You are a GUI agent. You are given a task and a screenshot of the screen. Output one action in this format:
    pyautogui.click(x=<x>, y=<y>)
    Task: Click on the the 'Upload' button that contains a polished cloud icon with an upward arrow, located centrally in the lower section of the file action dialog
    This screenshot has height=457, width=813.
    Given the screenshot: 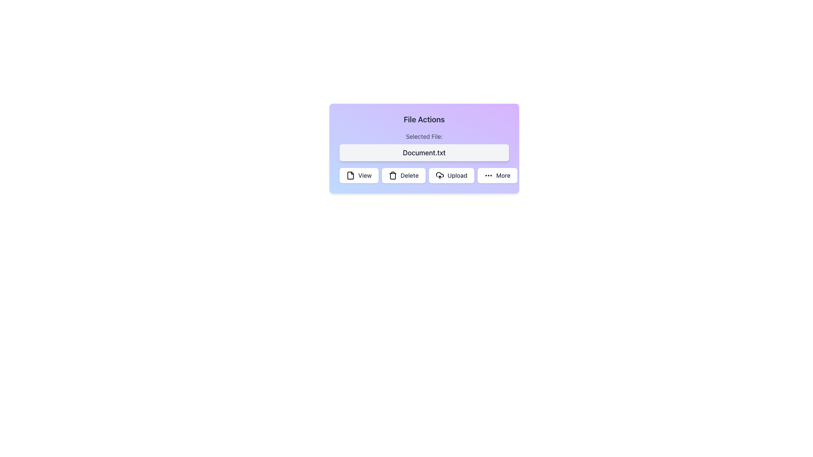 What is the action you would take?
    pyautogui.click(x=440, y=175)
    